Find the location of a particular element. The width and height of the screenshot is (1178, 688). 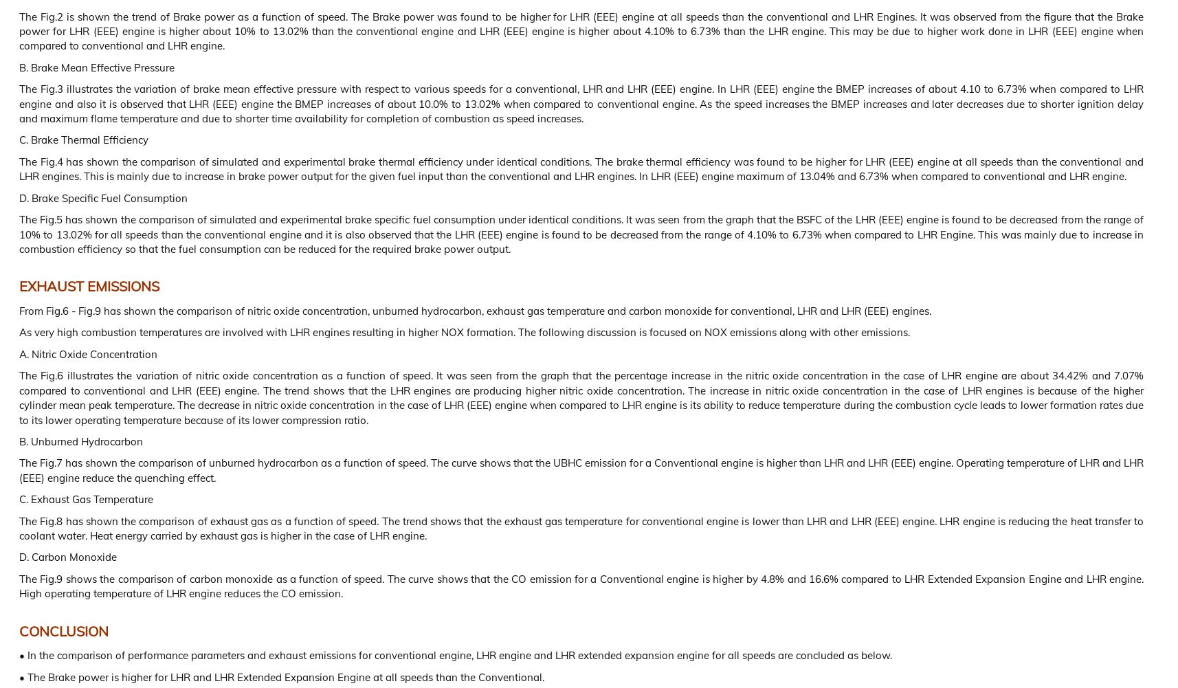

'The Fig.7 has shown the comparison of unburned hydrocarbon as a function of speed. The curve shows that
the UBHC emission for a Conventional engine is higher than LHR and LHR (EEE) engine. Operating temperature of
LHR and LHR (EEE) engine reduce the quenching effect.' is located at coordinates (581, 469).